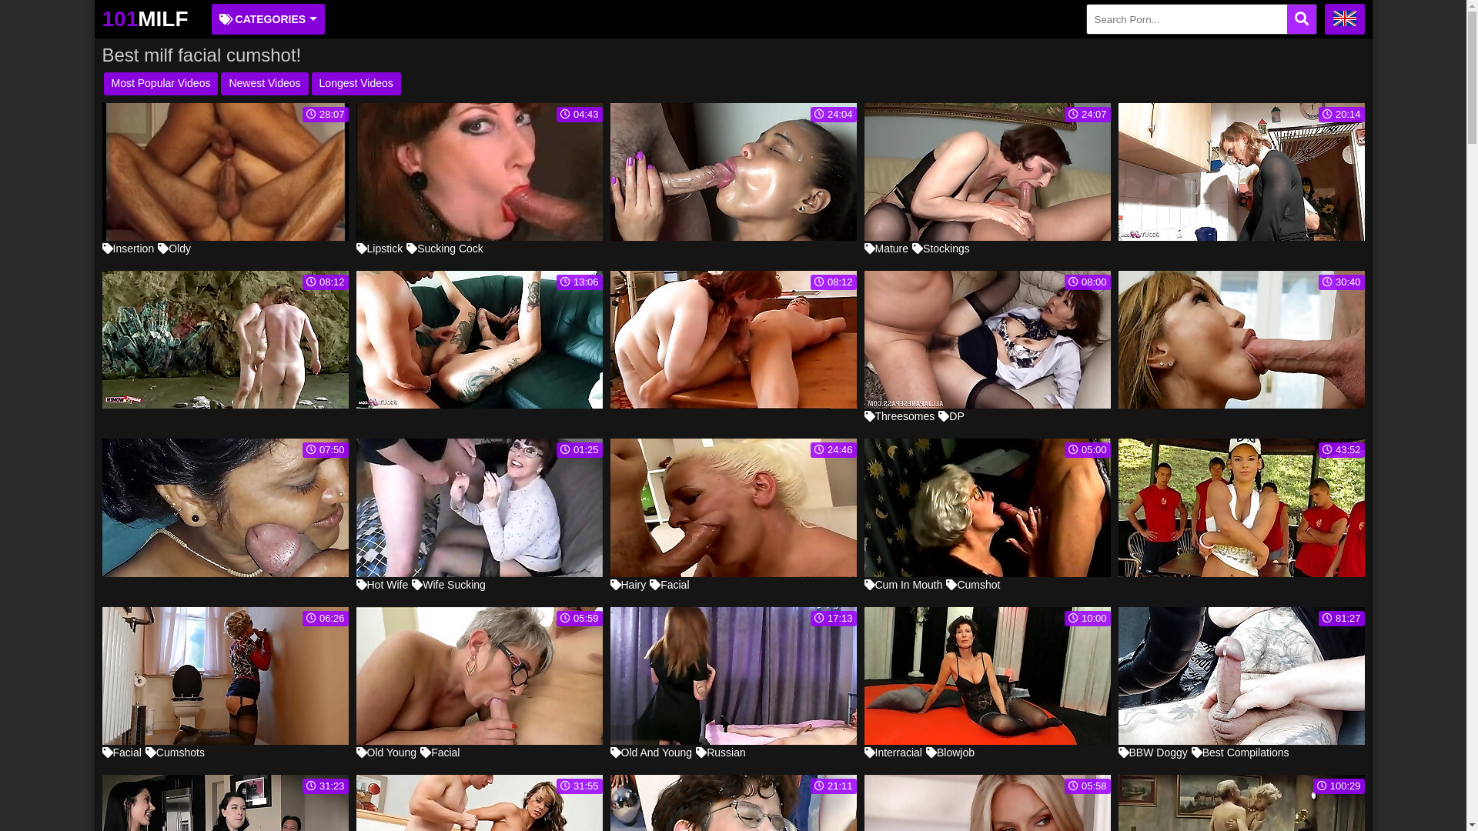 This screenshot has width=1478, height=831. What do you see at coordinates (120, 752) in the screenshot?
I see `'Facial'` at bounding box center [120, 752].